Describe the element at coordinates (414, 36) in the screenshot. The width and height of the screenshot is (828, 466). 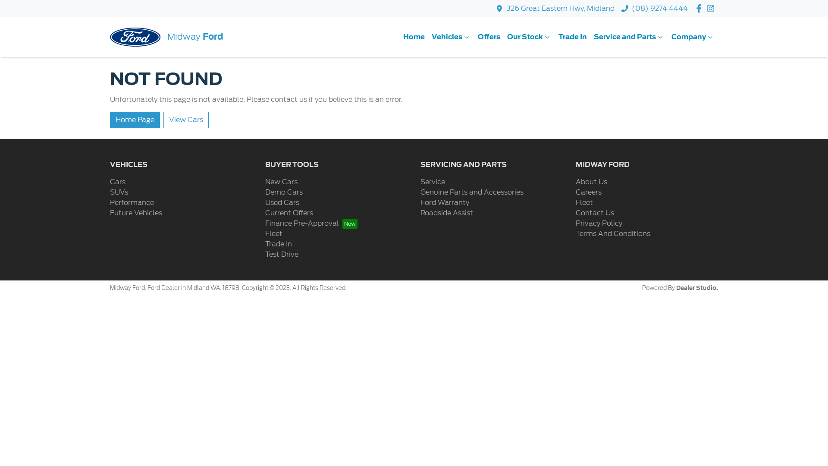
I see `'Home'` at that location.